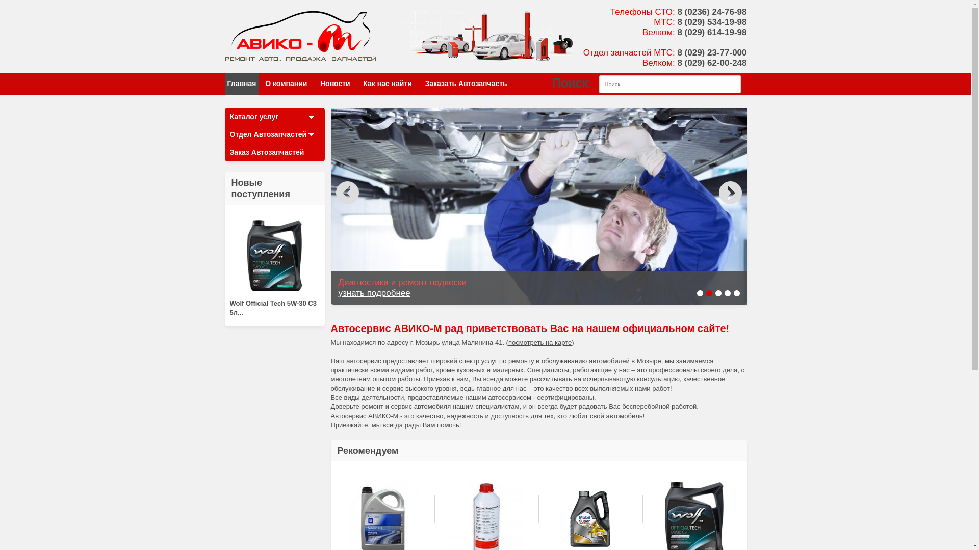 Image resolution: width=979 pixels, height=550 pixels. What do you see at coordinates (726, 293) in the screenshot?
I see `'4'` at bounding box center [726, 293].